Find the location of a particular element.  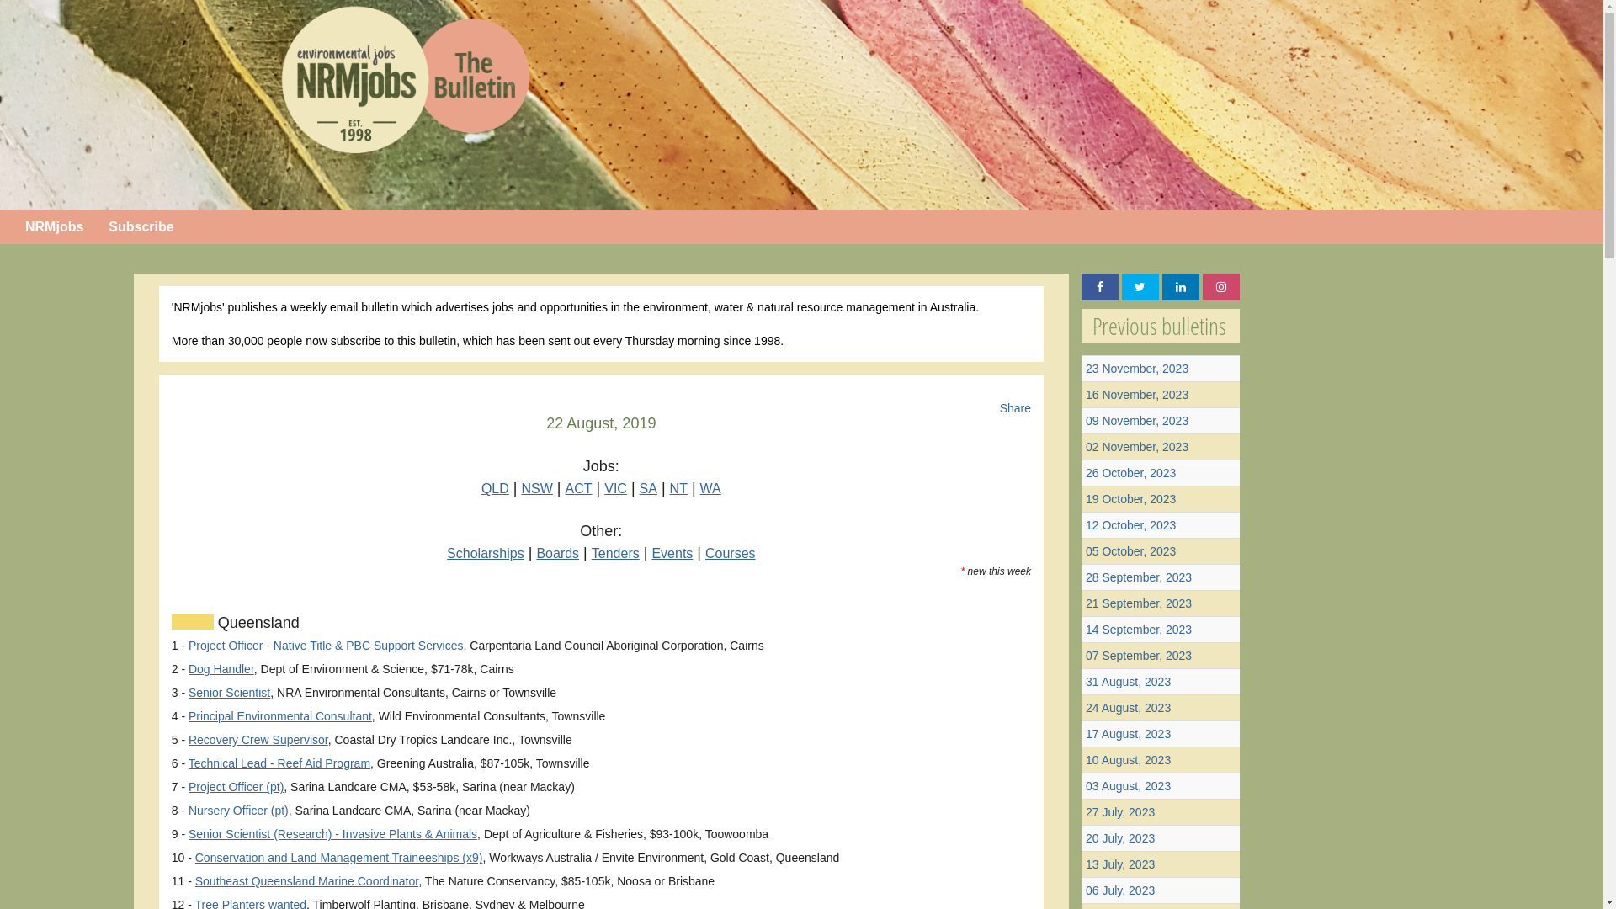

'16 November, 2023' is located at coordinates (1086, 395).